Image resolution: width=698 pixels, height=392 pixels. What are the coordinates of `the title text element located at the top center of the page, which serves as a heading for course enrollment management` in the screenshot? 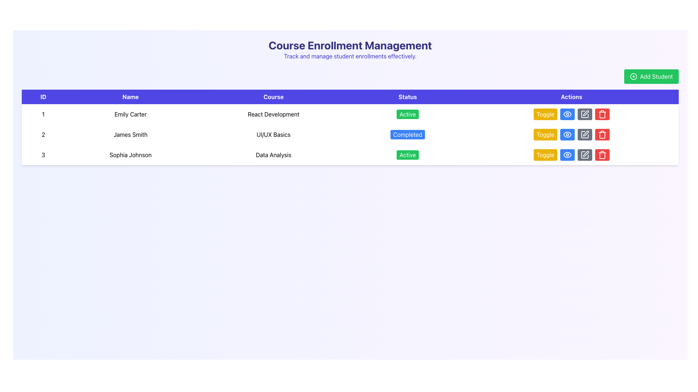 It's located at (350, 45).